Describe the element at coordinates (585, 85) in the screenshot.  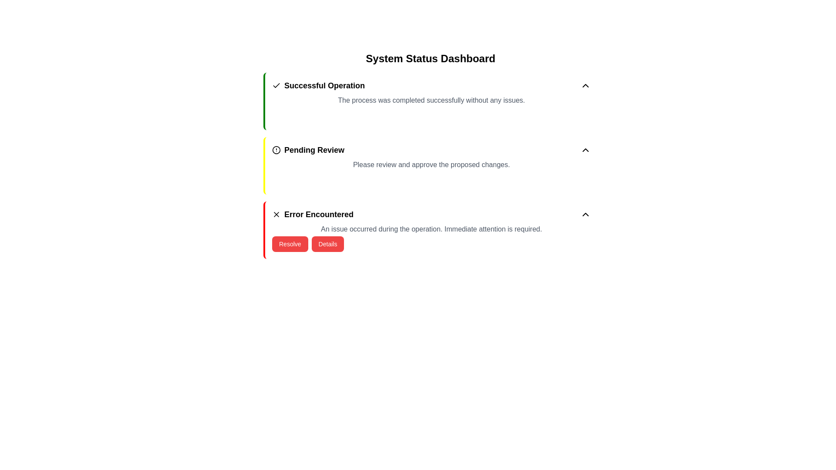
I see `the upward-facing chevron icon located in the top-right corner of the 'Successful Operation' section` at that location.